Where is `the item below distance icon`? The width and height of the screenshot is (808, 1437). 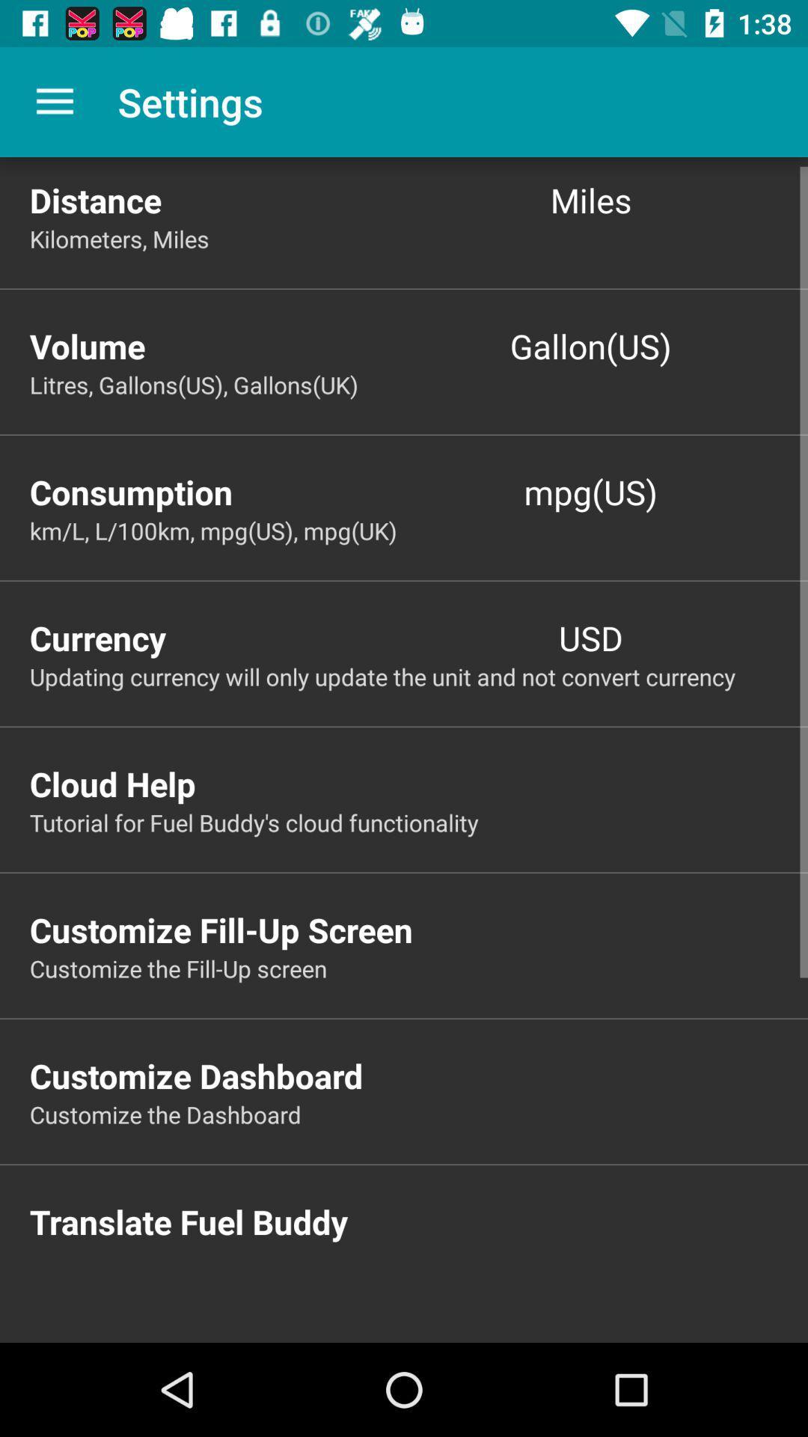
the item below distance icon is located at coordinates (418, 238).